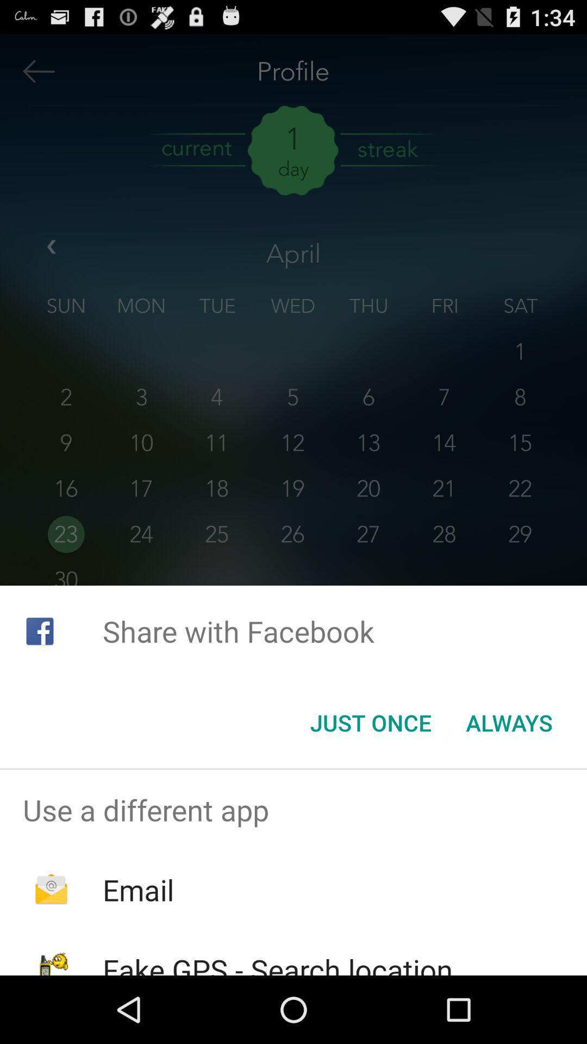 The height and width of the screenshot is (1044, 587). Describe the element at coordinates (277, 962) in the screenshot. I see `the fake gps search` at that location.